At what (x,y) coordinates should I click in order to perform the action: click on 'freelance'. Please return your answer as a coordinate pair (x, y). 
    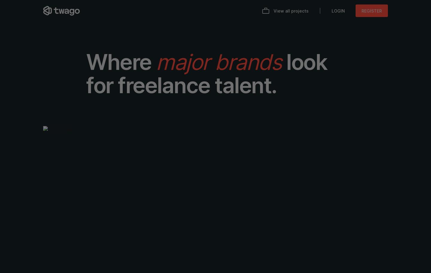
    Looking at the image, I should click on (117, 85).